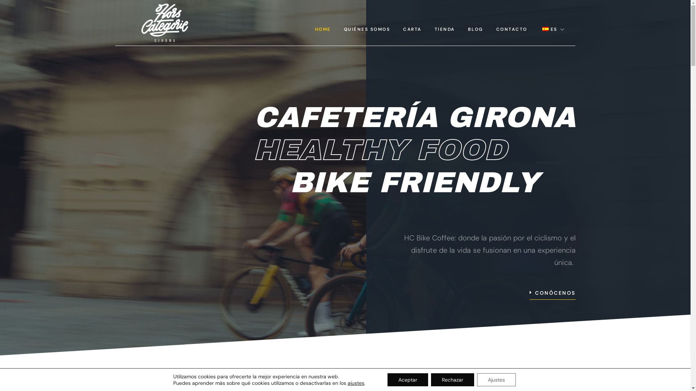  What do you see at coordinates (407, 379) in the screenshot?
I see `'Aceptar'` at bounding box center [407, 379].